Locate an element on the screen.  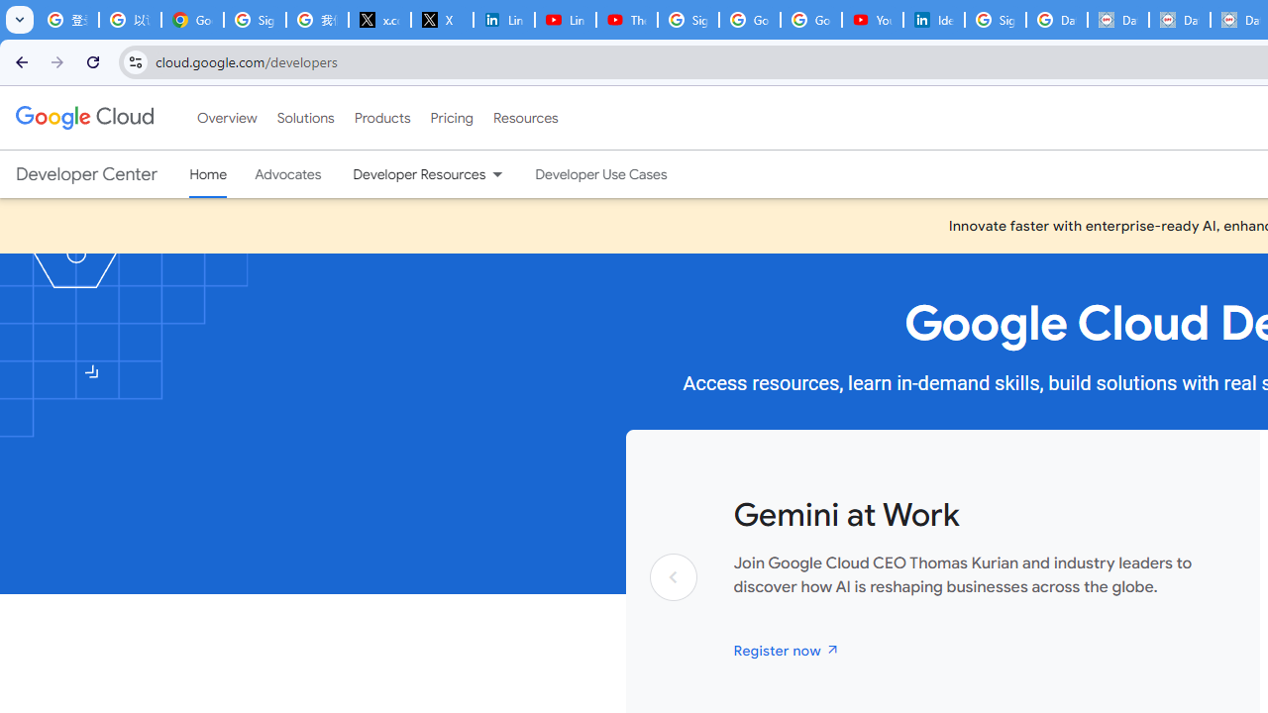
'Advocates' is located at coordinates (287, 173).